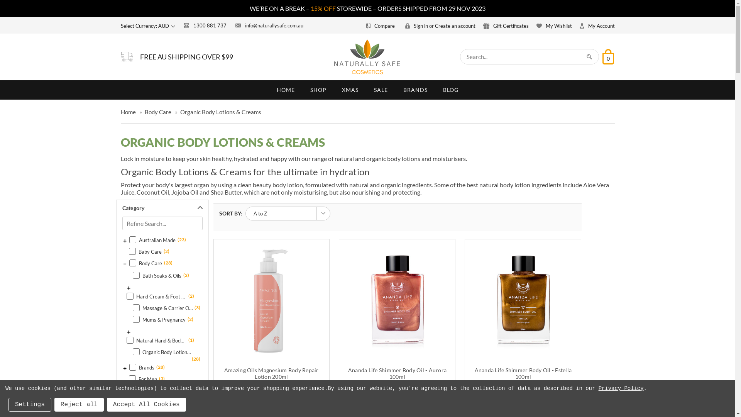  What do you see at coordinates (205, 25) in the screenshot?
I see `'1300 881 737'` at bounding box center [205, 25].